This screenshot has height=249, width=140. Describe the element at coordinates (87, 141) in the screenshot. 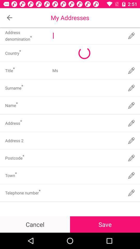

I see `address 2` at that location.